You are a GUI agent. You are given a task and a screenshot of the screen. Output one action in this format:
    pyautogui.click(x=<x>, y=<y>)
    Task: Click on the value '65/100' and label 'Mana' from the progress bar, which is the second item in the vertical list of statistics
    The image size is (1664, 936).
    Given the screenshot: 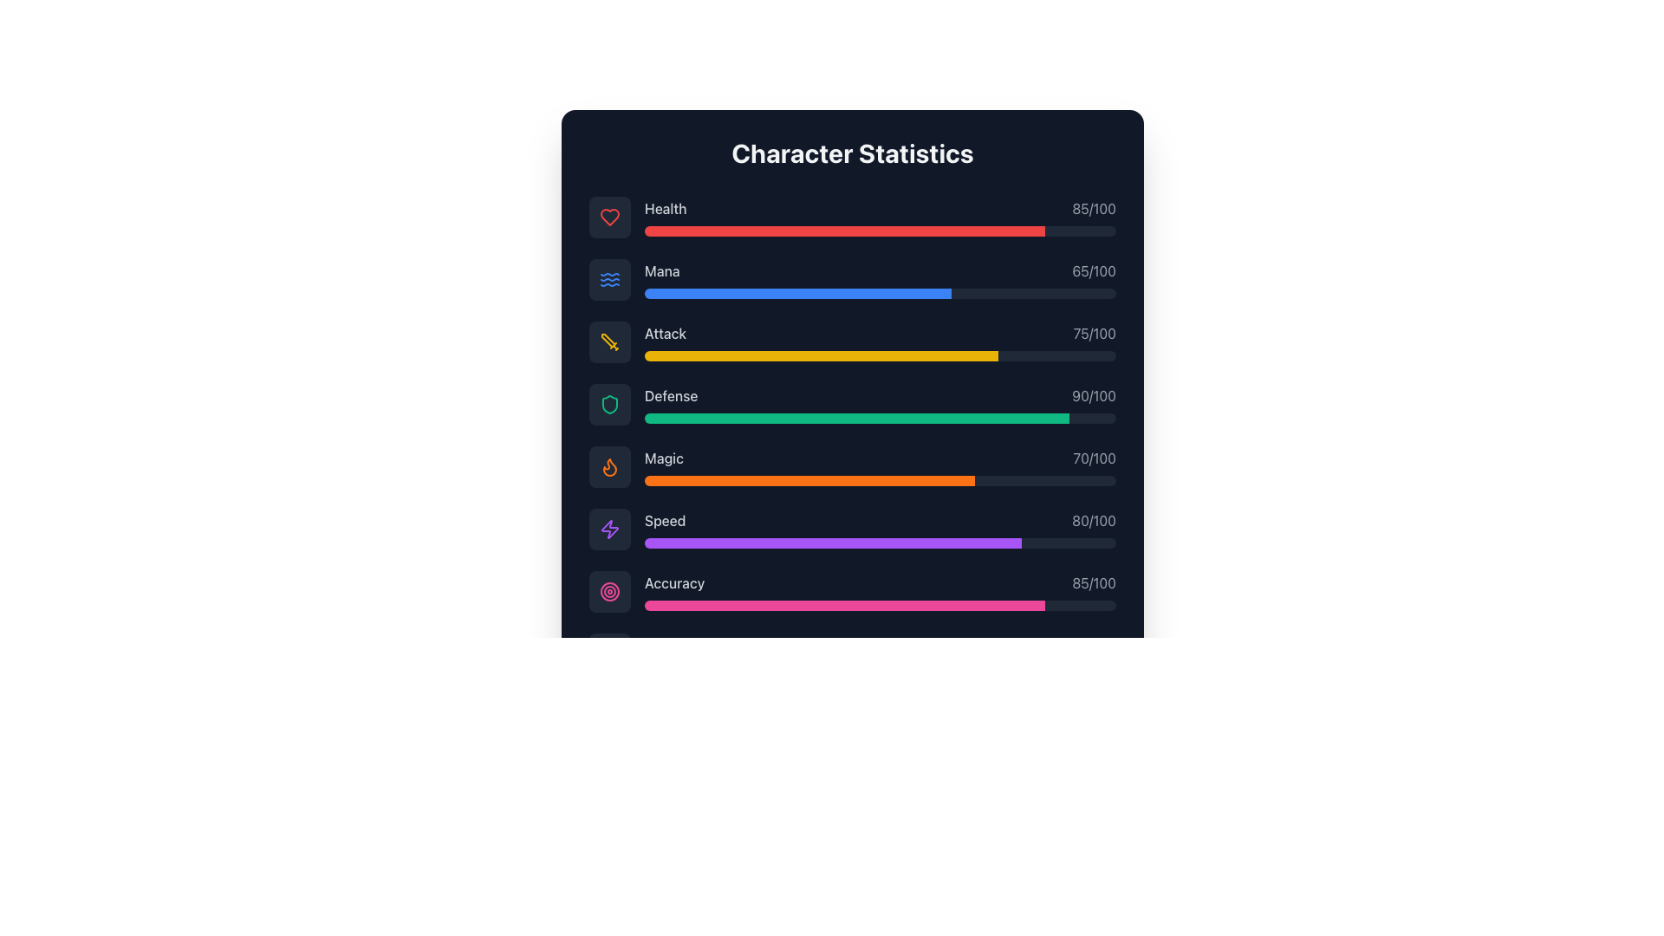 What is the action you would take?
    pyautogui.click(x=881, y=279)
    